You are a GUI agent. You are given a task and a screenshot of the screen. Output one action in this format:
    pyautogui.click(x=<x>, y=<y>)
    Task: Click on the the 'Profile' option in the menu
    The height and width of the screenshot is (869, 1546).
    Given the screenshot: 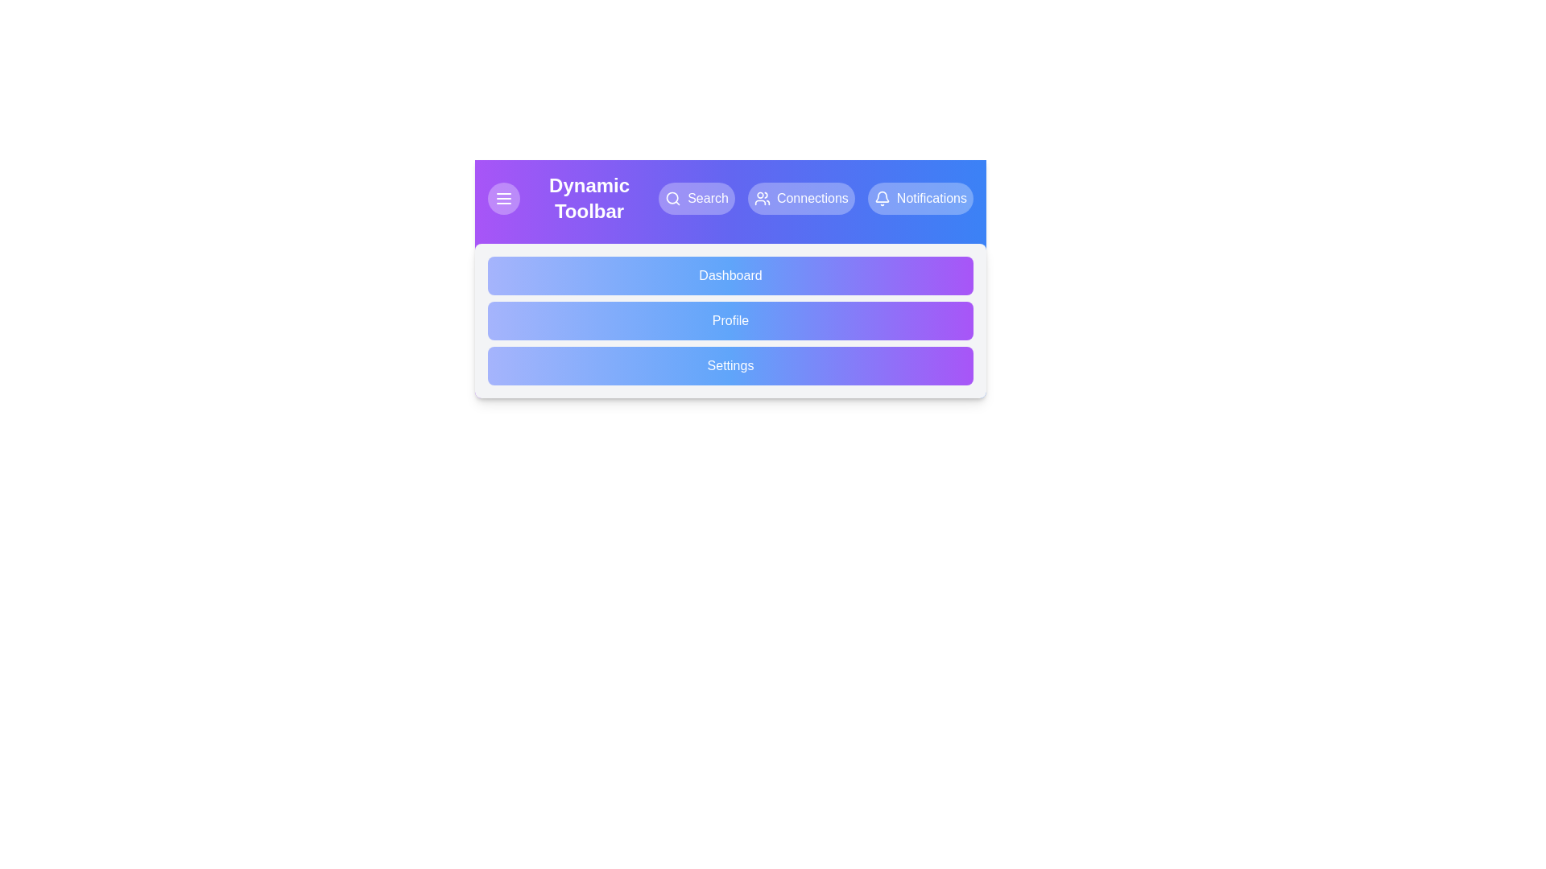 What is the action you would take?
    pyautogui.click(x=730, y=320)
    